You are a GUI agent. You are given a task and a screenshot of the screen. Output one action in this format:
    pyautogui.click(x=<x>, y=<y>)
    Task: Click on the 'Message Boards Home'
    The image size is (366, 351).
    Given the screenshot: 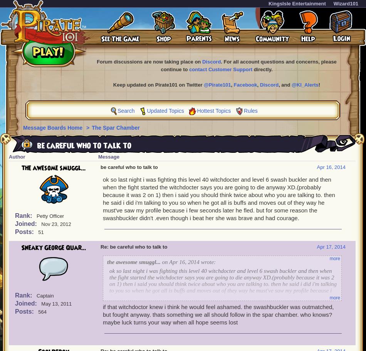 What is the action you would take?
    pyautogui.click(x=53, y=127)
    